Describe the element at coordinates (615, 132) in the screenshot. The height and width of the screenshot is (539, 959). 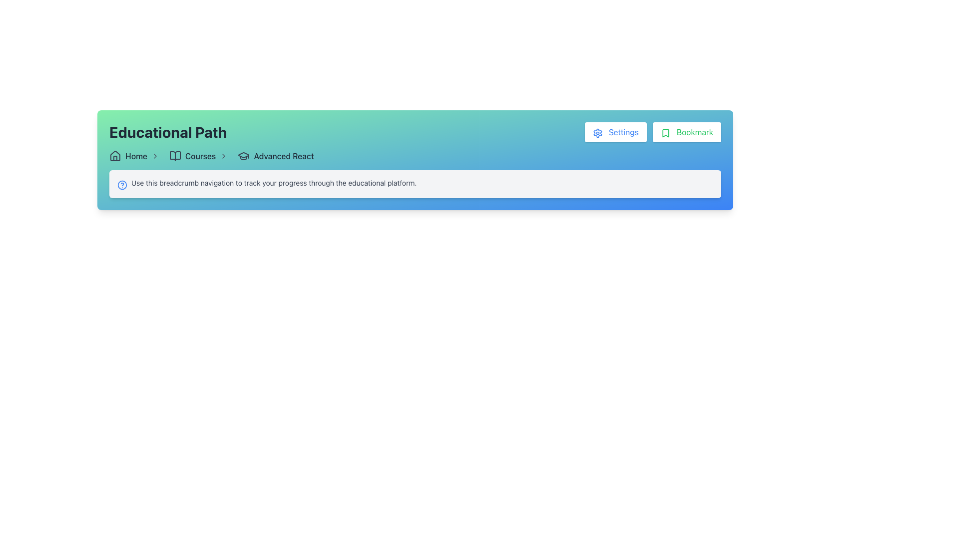
I see `the 'Settings' button located at the top right of the interface, which has a white background, rounded corners, and blue text with a gear icon` at that location.